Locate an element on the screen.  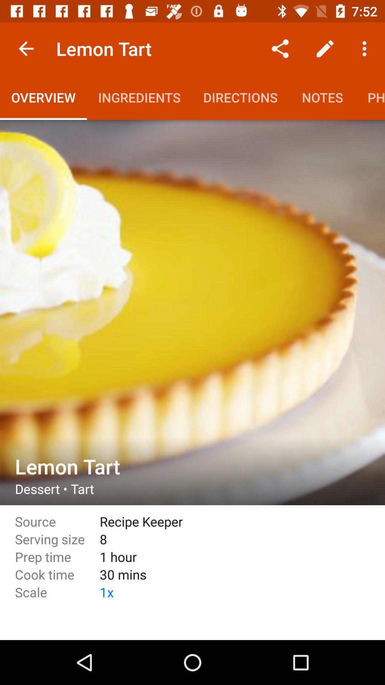
item to the left of lemon tart item is located at coordinates (26, 48).